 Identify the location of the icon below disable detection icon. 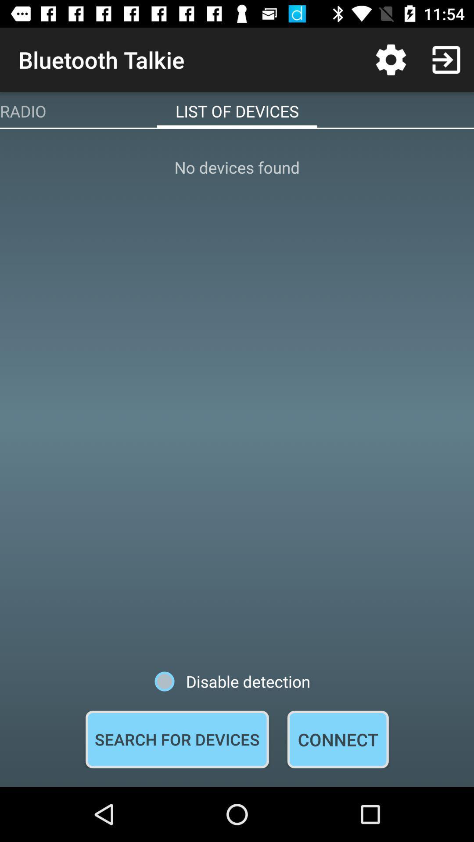
(177, 739).